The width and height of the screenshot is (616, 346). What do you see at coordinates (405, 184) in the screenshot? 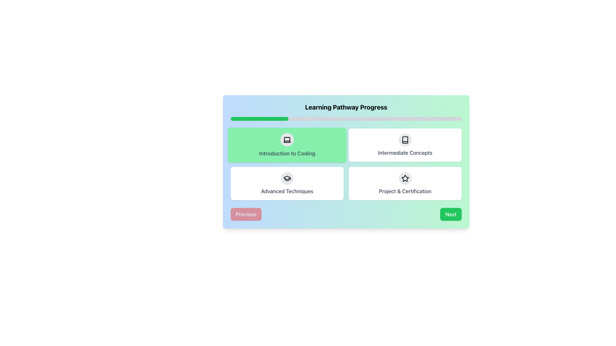
I see `the card labeled 'Project & Certification', which features a star icon at the top center` at bounding box center [405, 184].